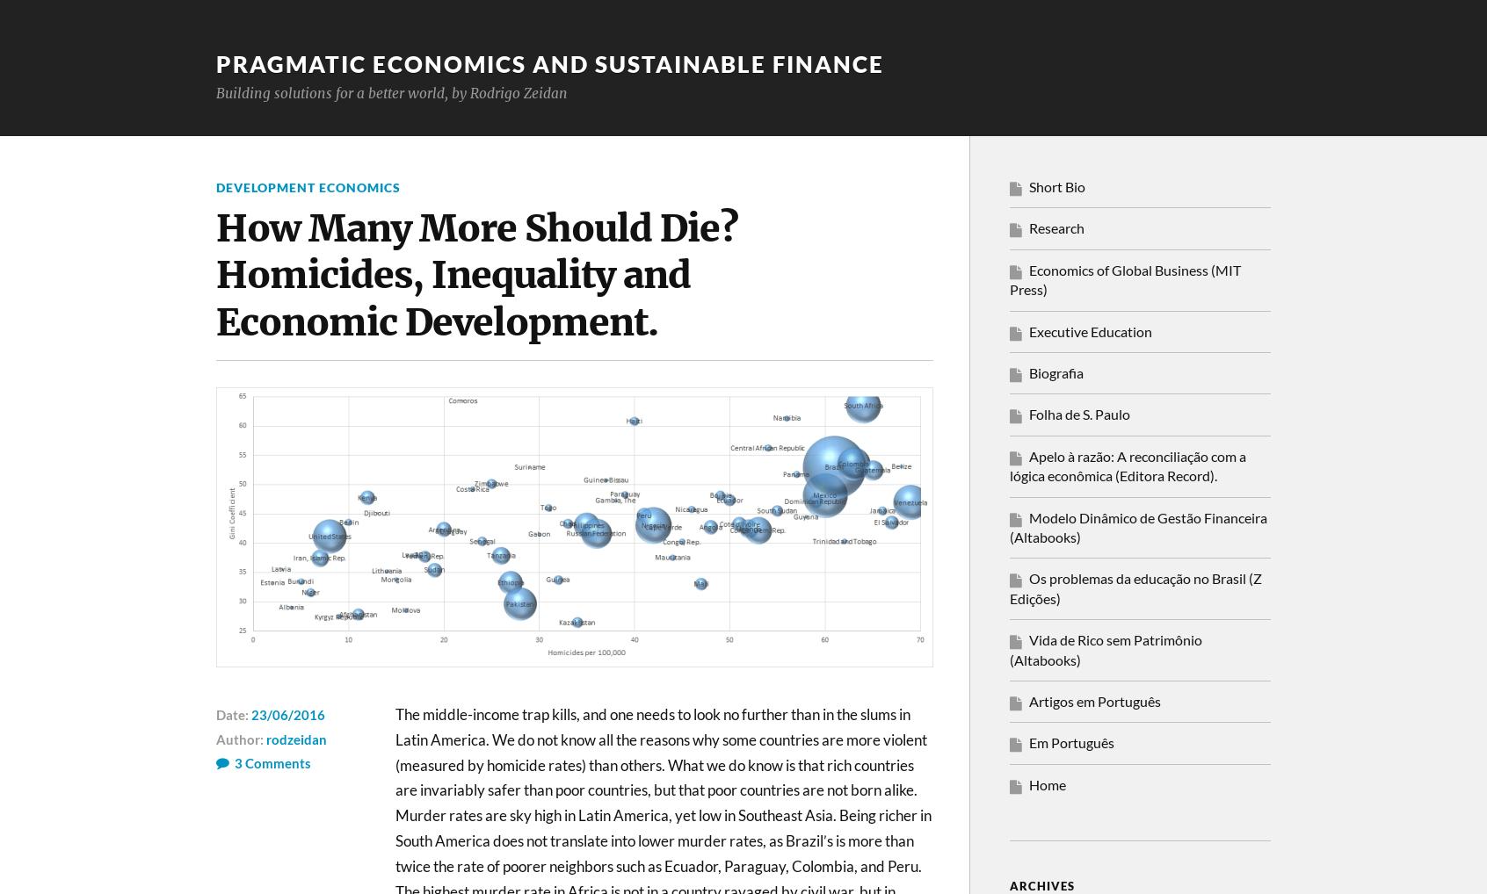  Describe the element at coordinates (238, 762) in the screenshot. I see `'3'` at that location.